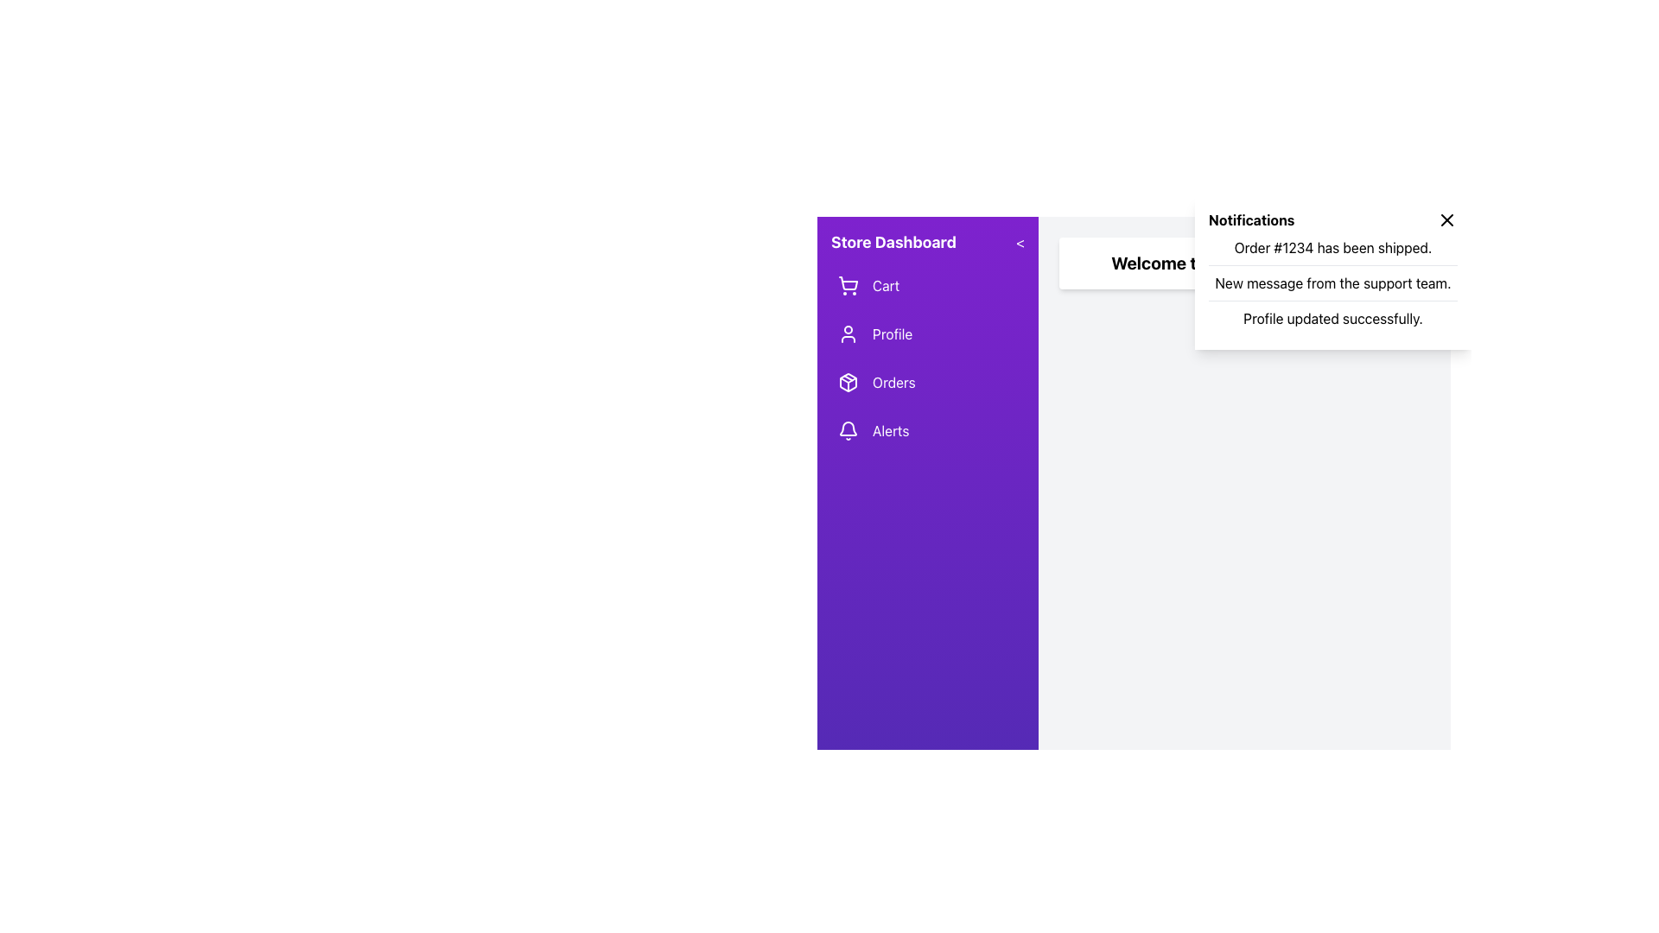 Image resolution: width=1659 pixels, height=933 pixels. Describe the element at coordinates (849, 382) in the screenshot. I see `the package icon located to the left of the 'Orders' text in the vertical menu list on a purple background` at that location.